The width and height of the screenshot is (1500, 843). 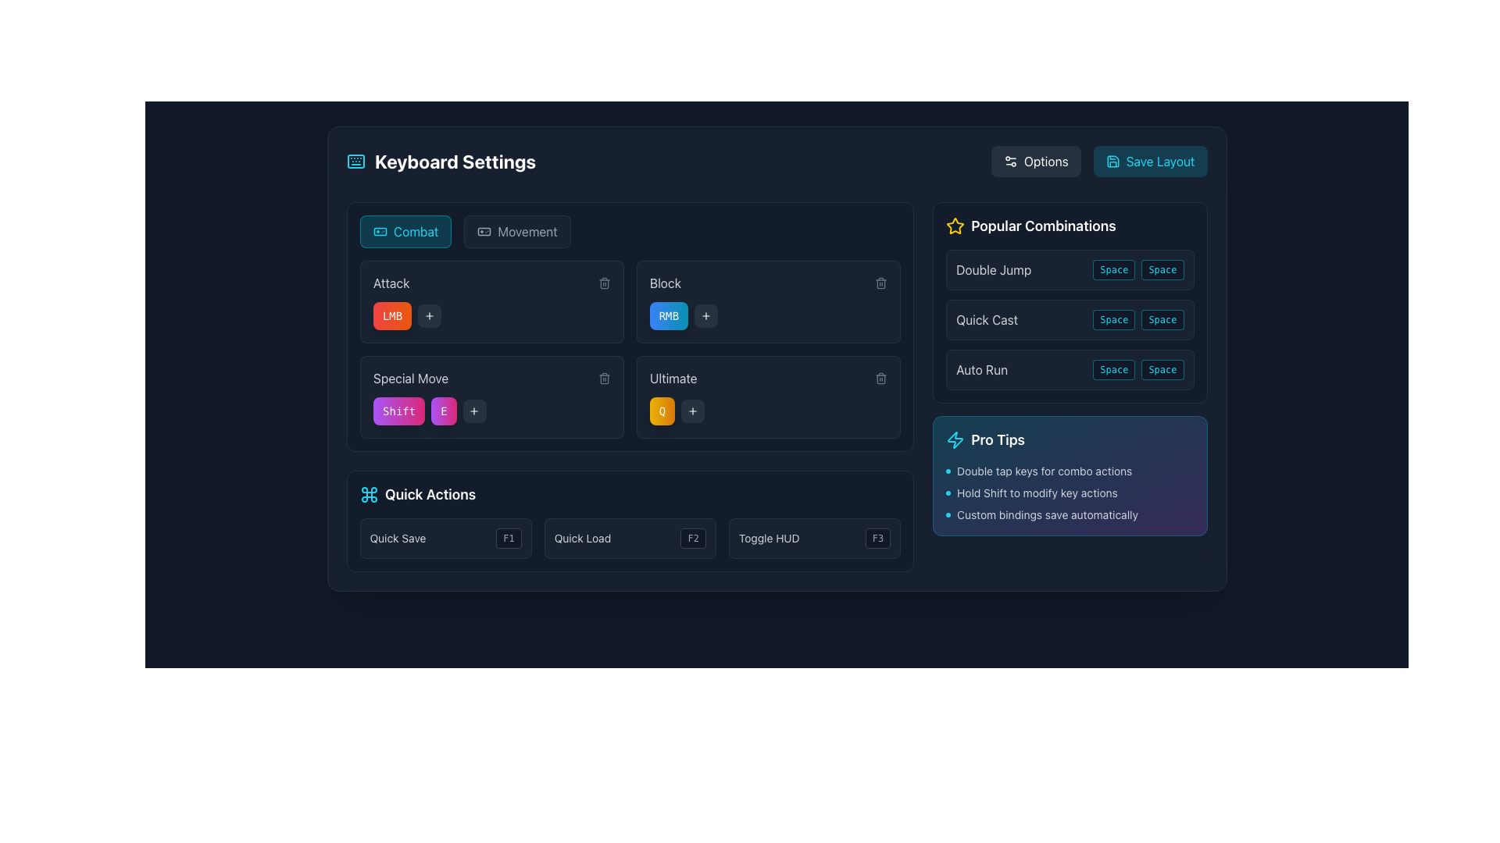 What do you see at coordinates (669, 316) in the screenshot?
I see `the rectangular button labeled 'RMB' with a gradient background transitioning from blue to cyan, featuring white monospaced text, located in the 'Block' section of the 'Keyboard Settings' interface` at bounding box center [669, 316].